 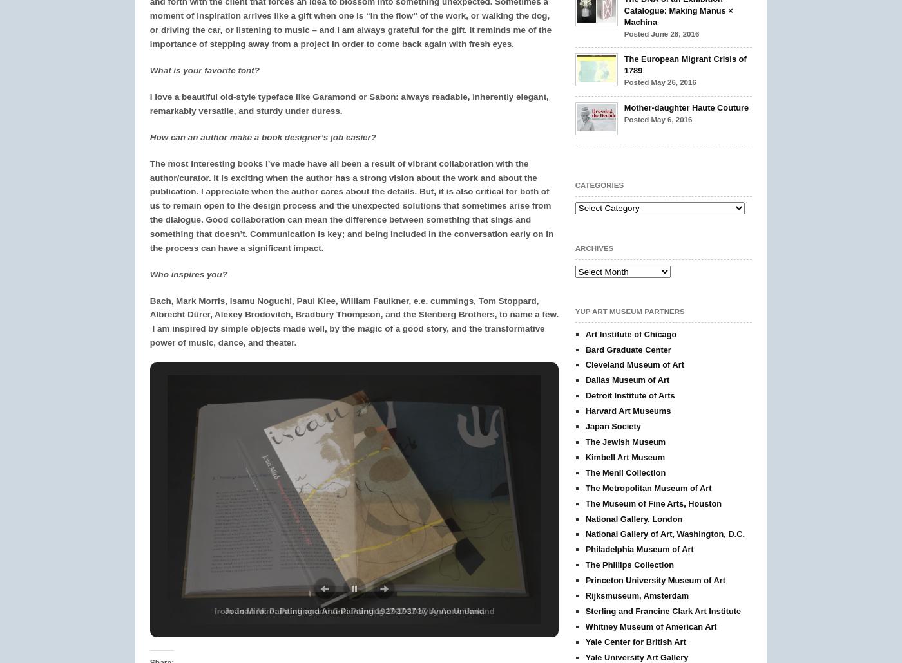 I want to click on 'The Jewish Museum', so click(x=625, y=441).